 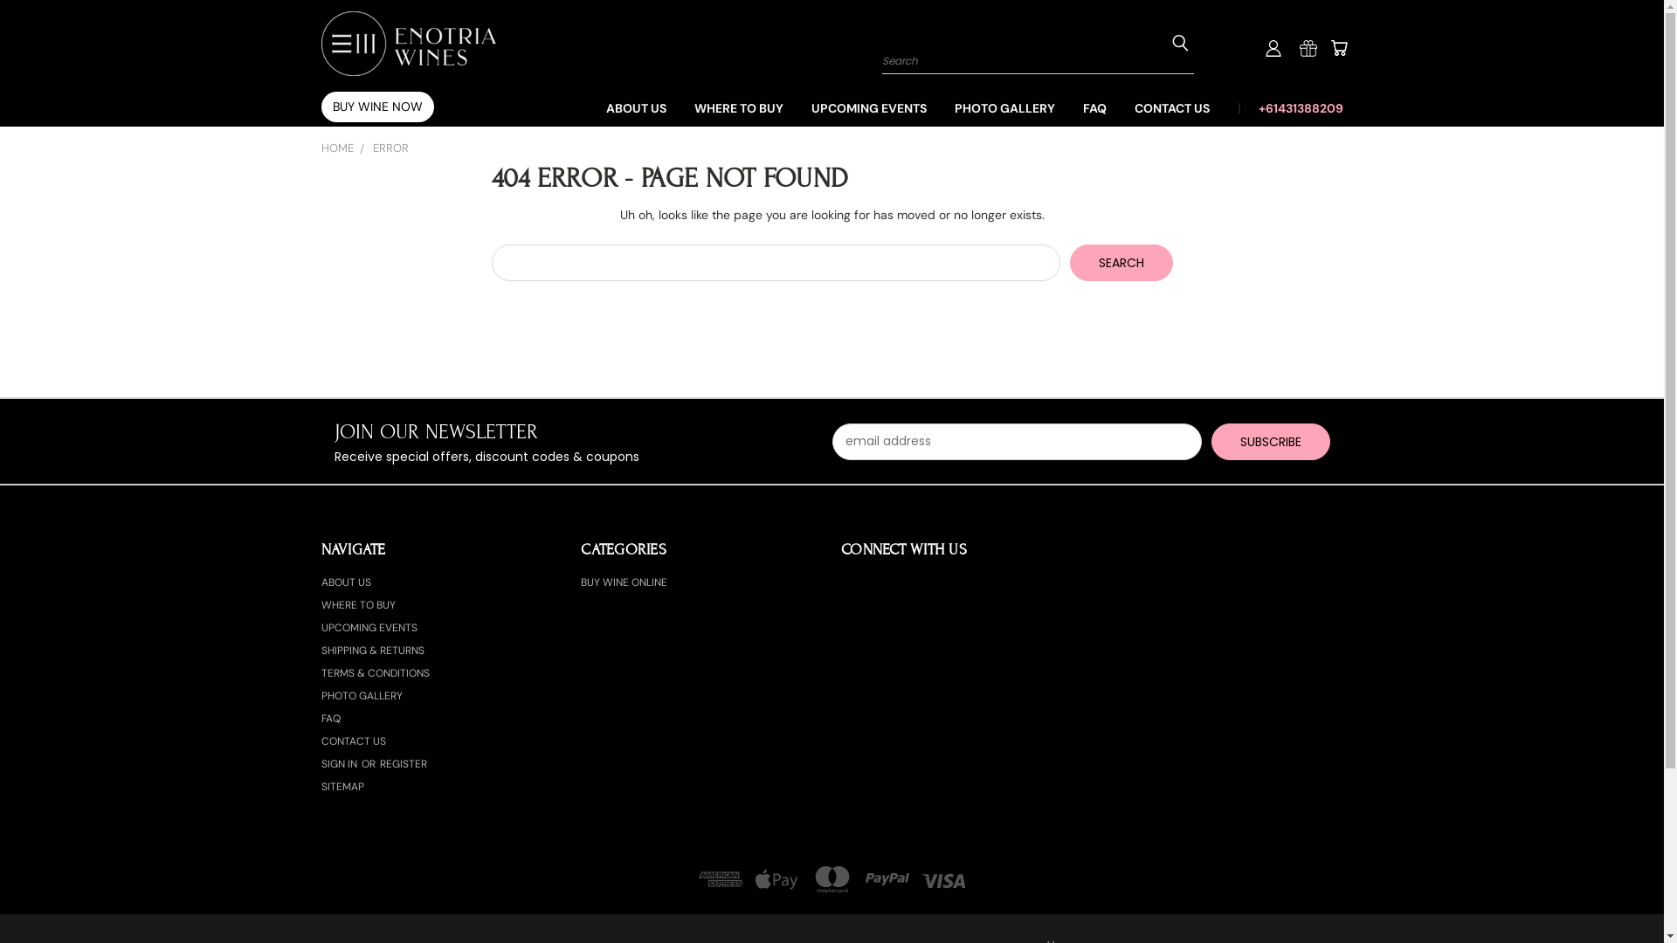 I want to click on 'Submit Search', so click(x=1179, y=42).